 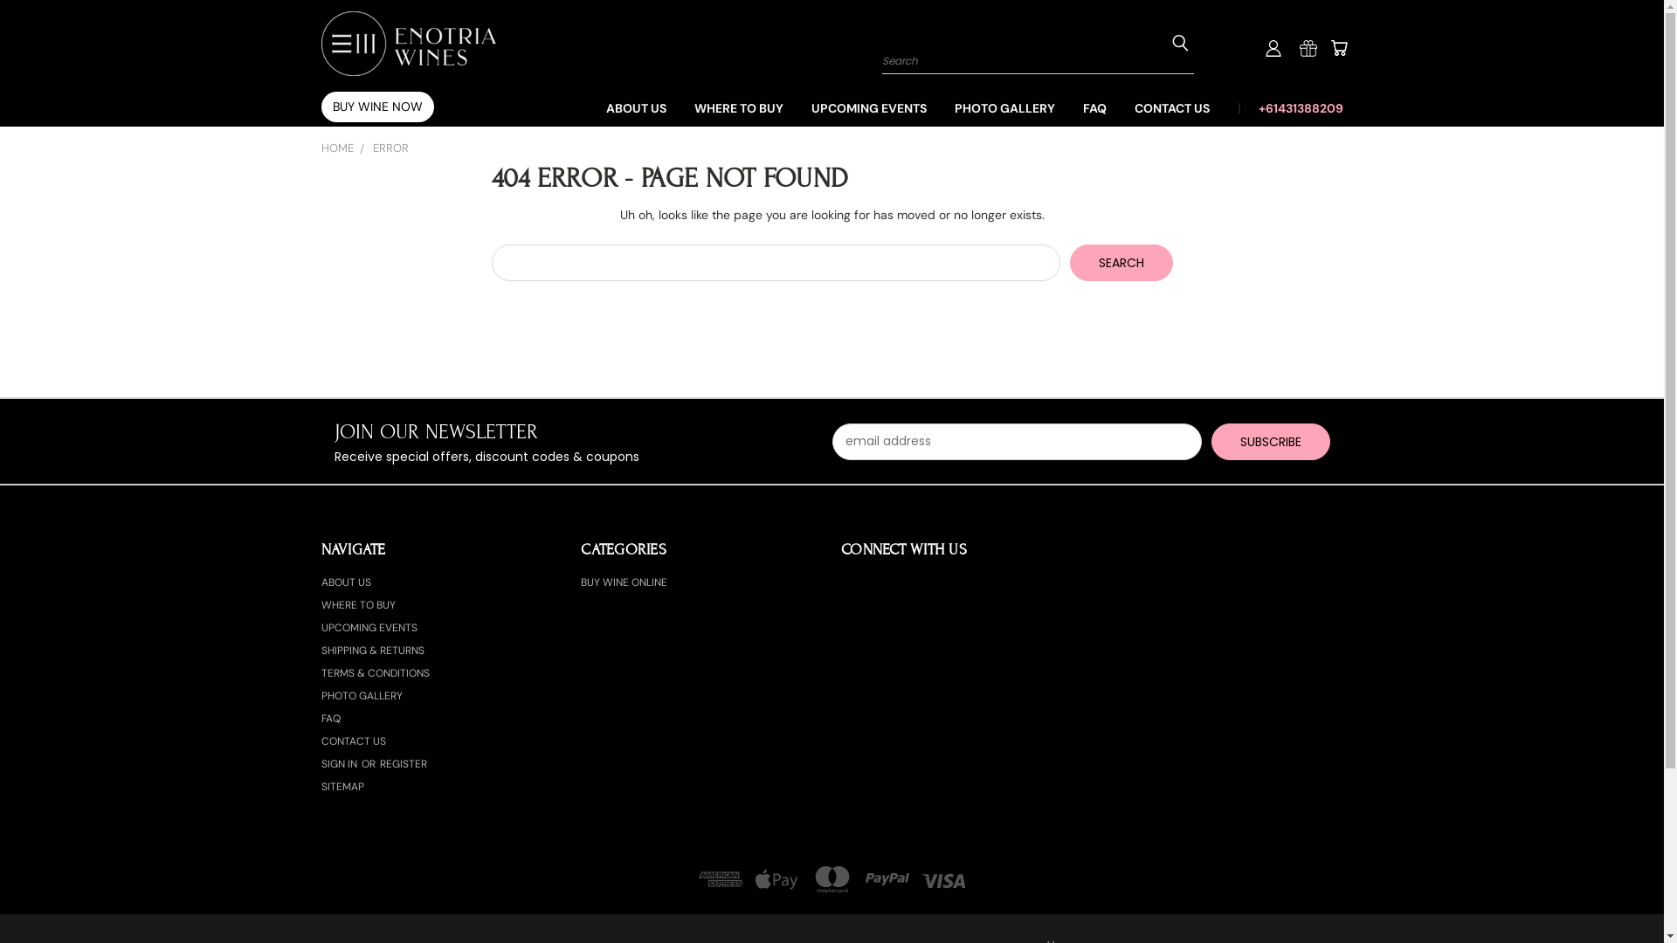 I want to click on 'Submit Search', so click(x=1179, y=42).